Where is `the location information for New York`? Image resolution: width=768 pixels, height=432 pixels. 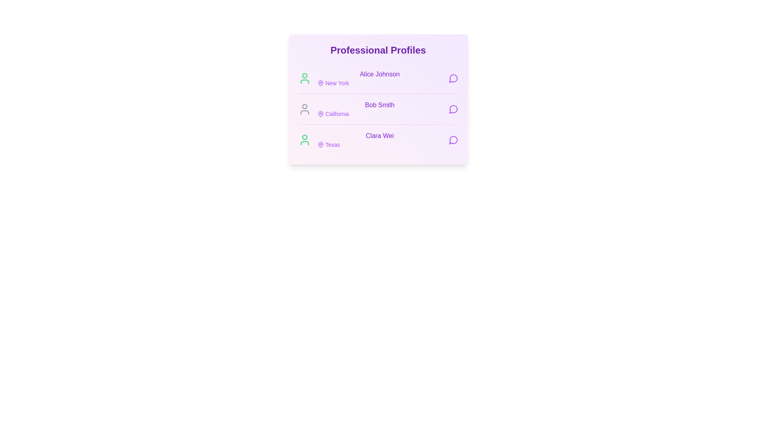 the location information for New York is located at coordinates (320, 83).